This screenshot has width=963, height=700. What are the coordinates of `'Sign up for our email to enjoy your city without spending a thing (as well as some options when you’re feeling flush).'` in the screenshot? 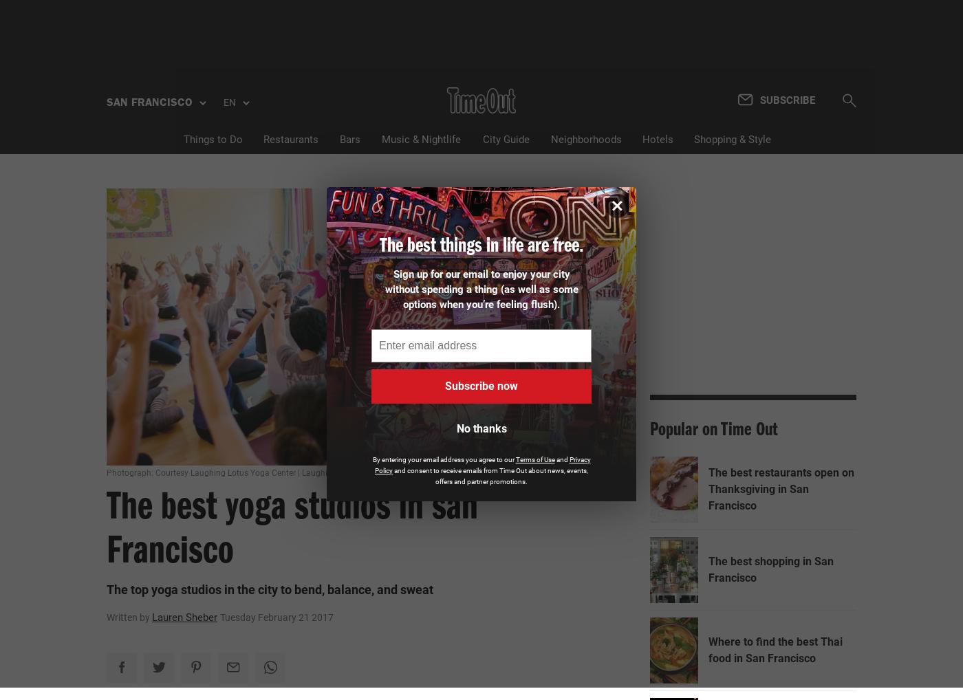 It's located at (481, 288).